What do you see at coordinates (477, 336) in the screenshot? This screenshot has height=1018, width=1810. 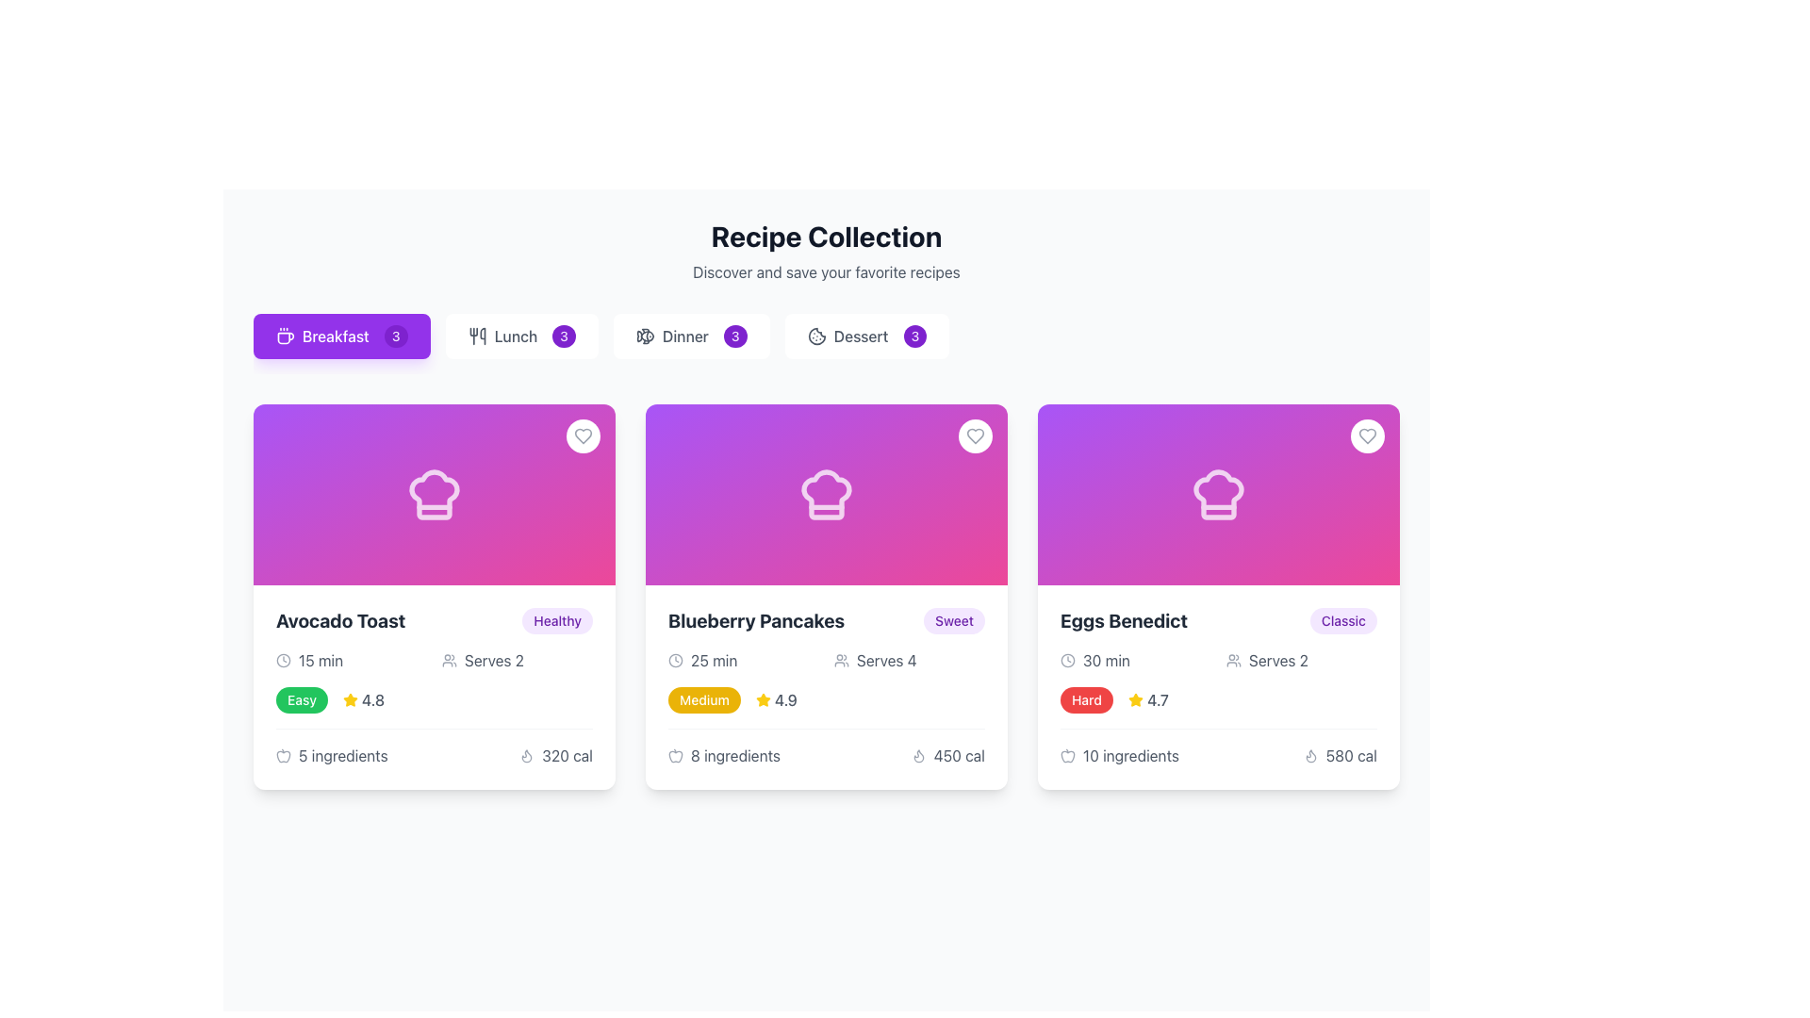 I see `the fork and knife icon located to the left of the 'Lunch' button, which has a modern, minimalistic design in gray color` at bounding box center [477, 336].